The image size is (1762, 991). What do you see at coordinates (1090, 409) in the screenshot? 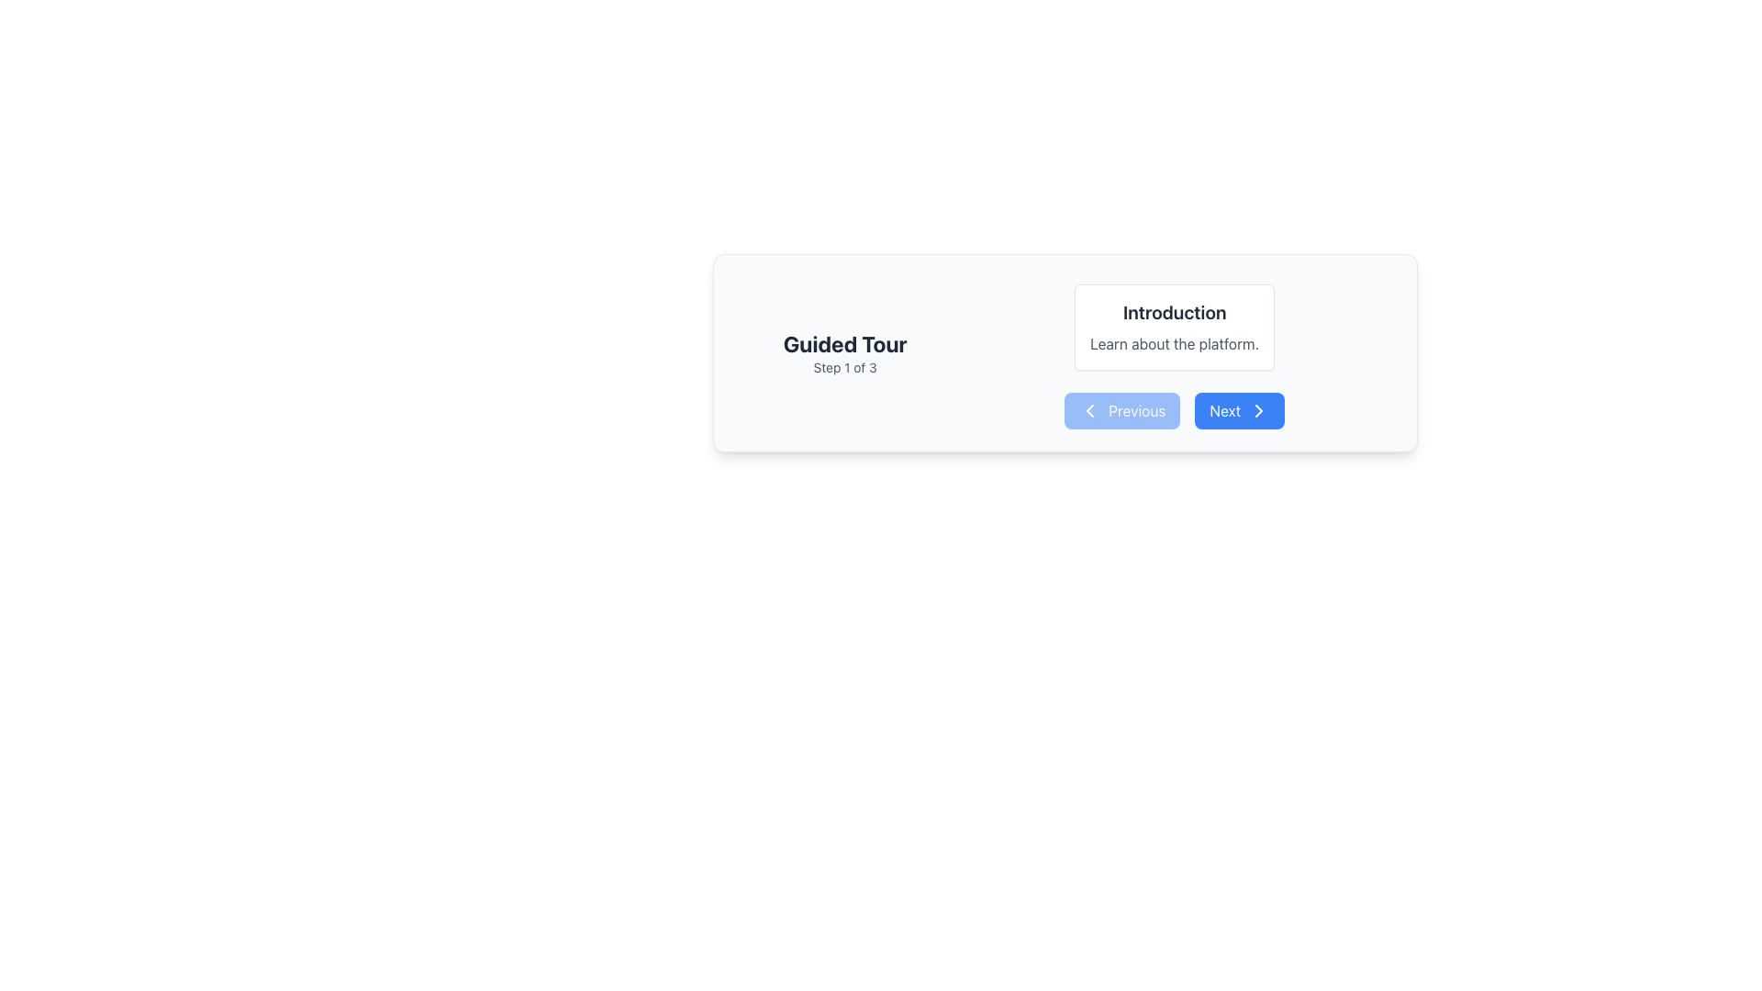
I see `the left-facing chevron arrow icon located inside the 'Previous' button to interact with it` at bounding box center [1090, 409].